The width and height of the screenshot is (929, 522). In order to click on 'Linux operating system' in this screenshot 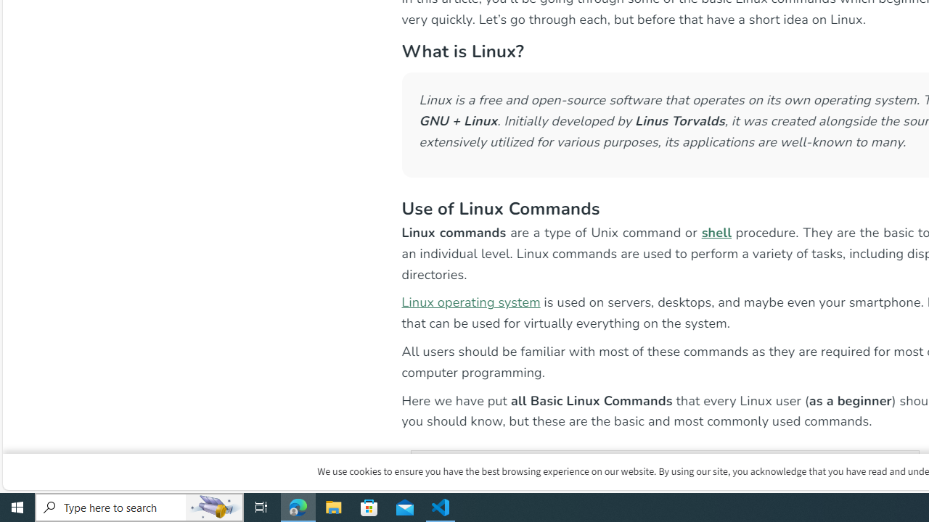, I will do `click(470, 302)`.